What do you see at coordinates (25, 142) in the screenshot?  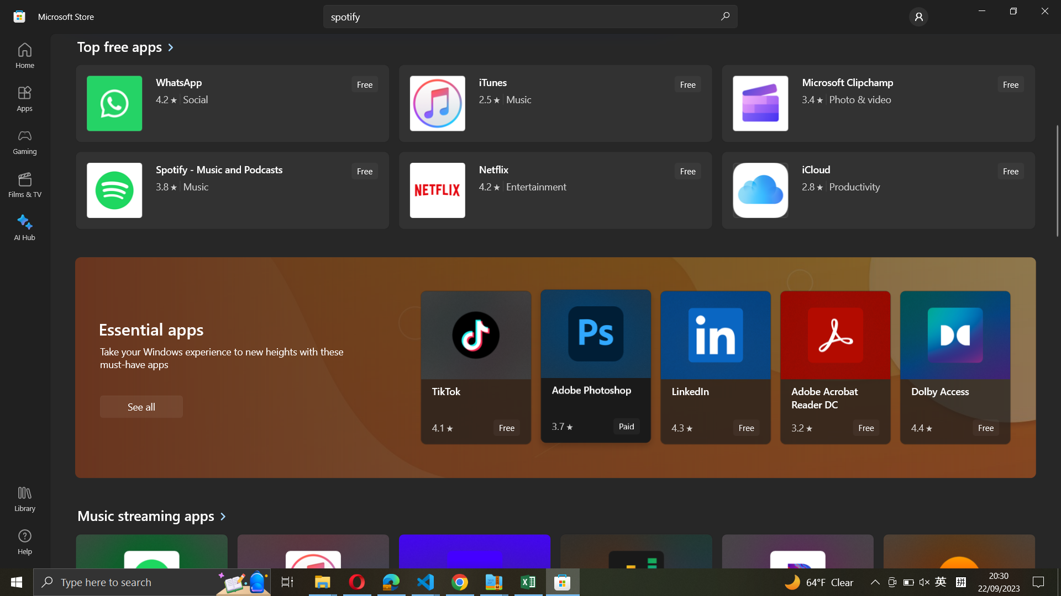 I see `the Gaming Window` at bounding box center [25, 142].